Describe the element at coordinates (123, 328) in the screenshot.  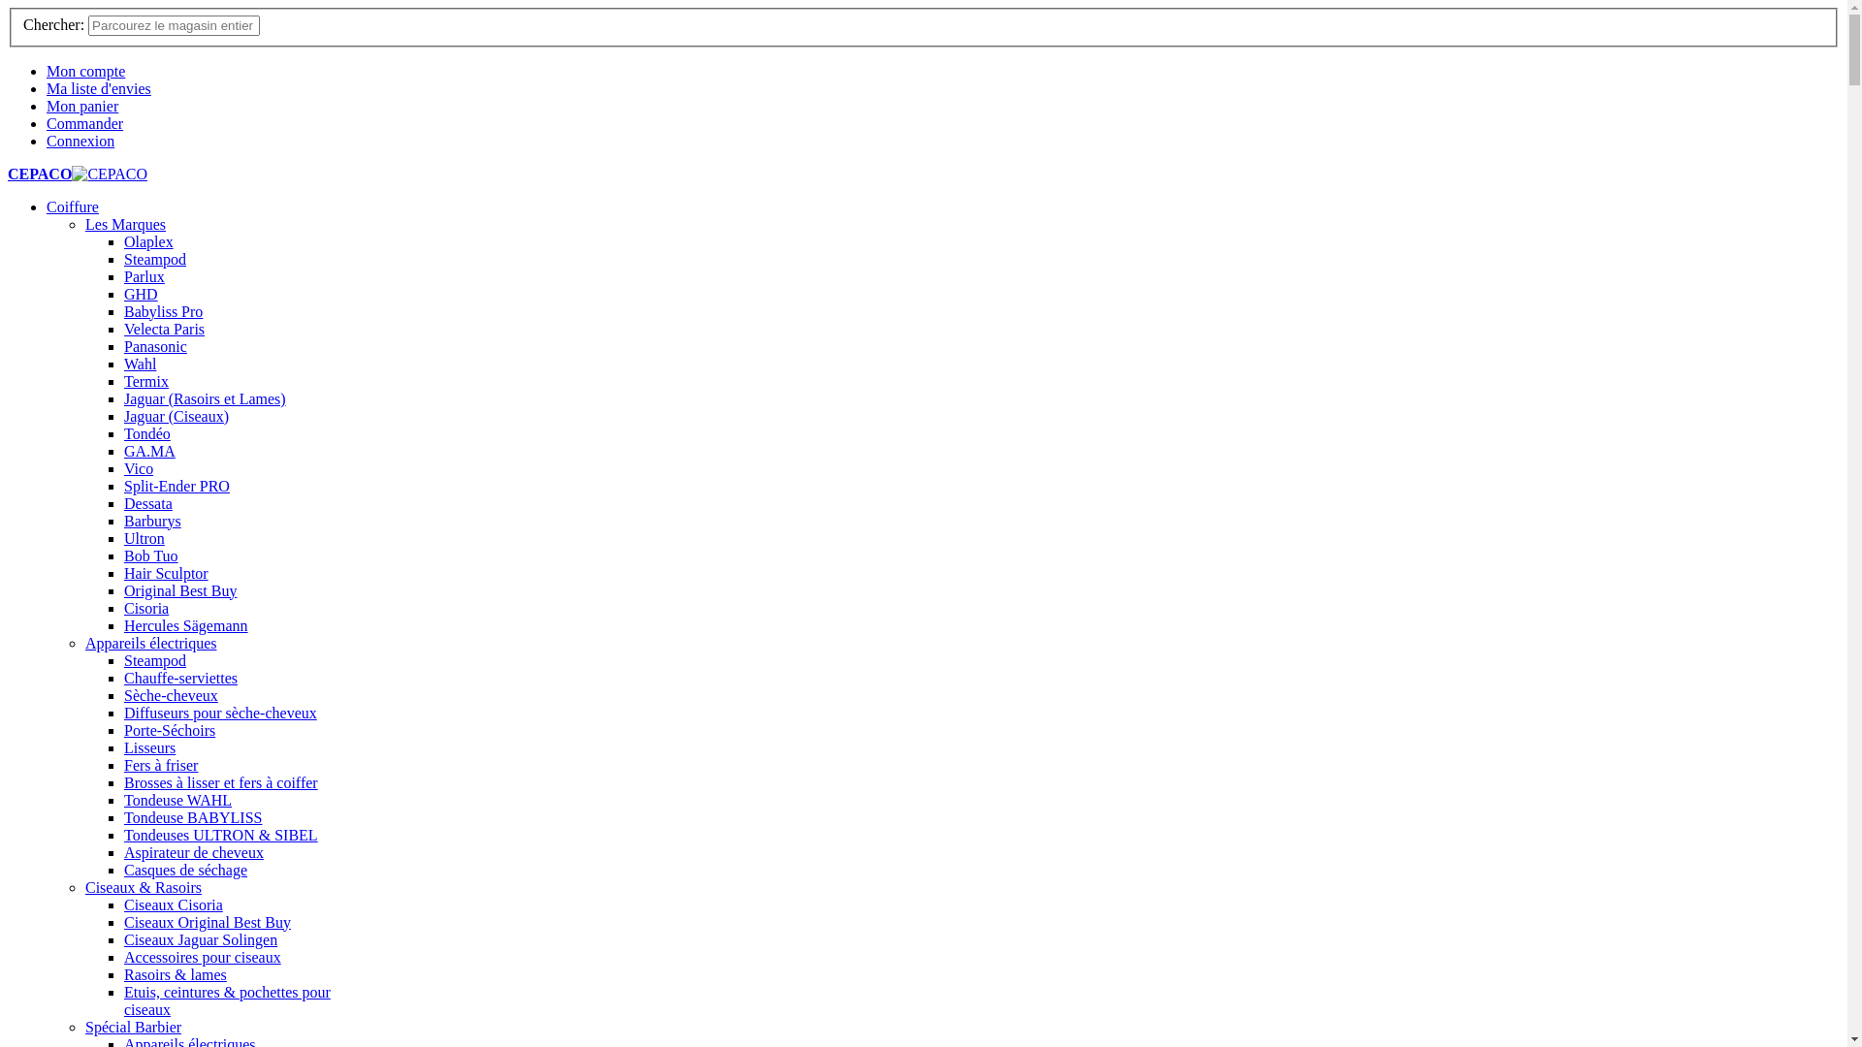
I see `'Velecta Paris'` at that location.